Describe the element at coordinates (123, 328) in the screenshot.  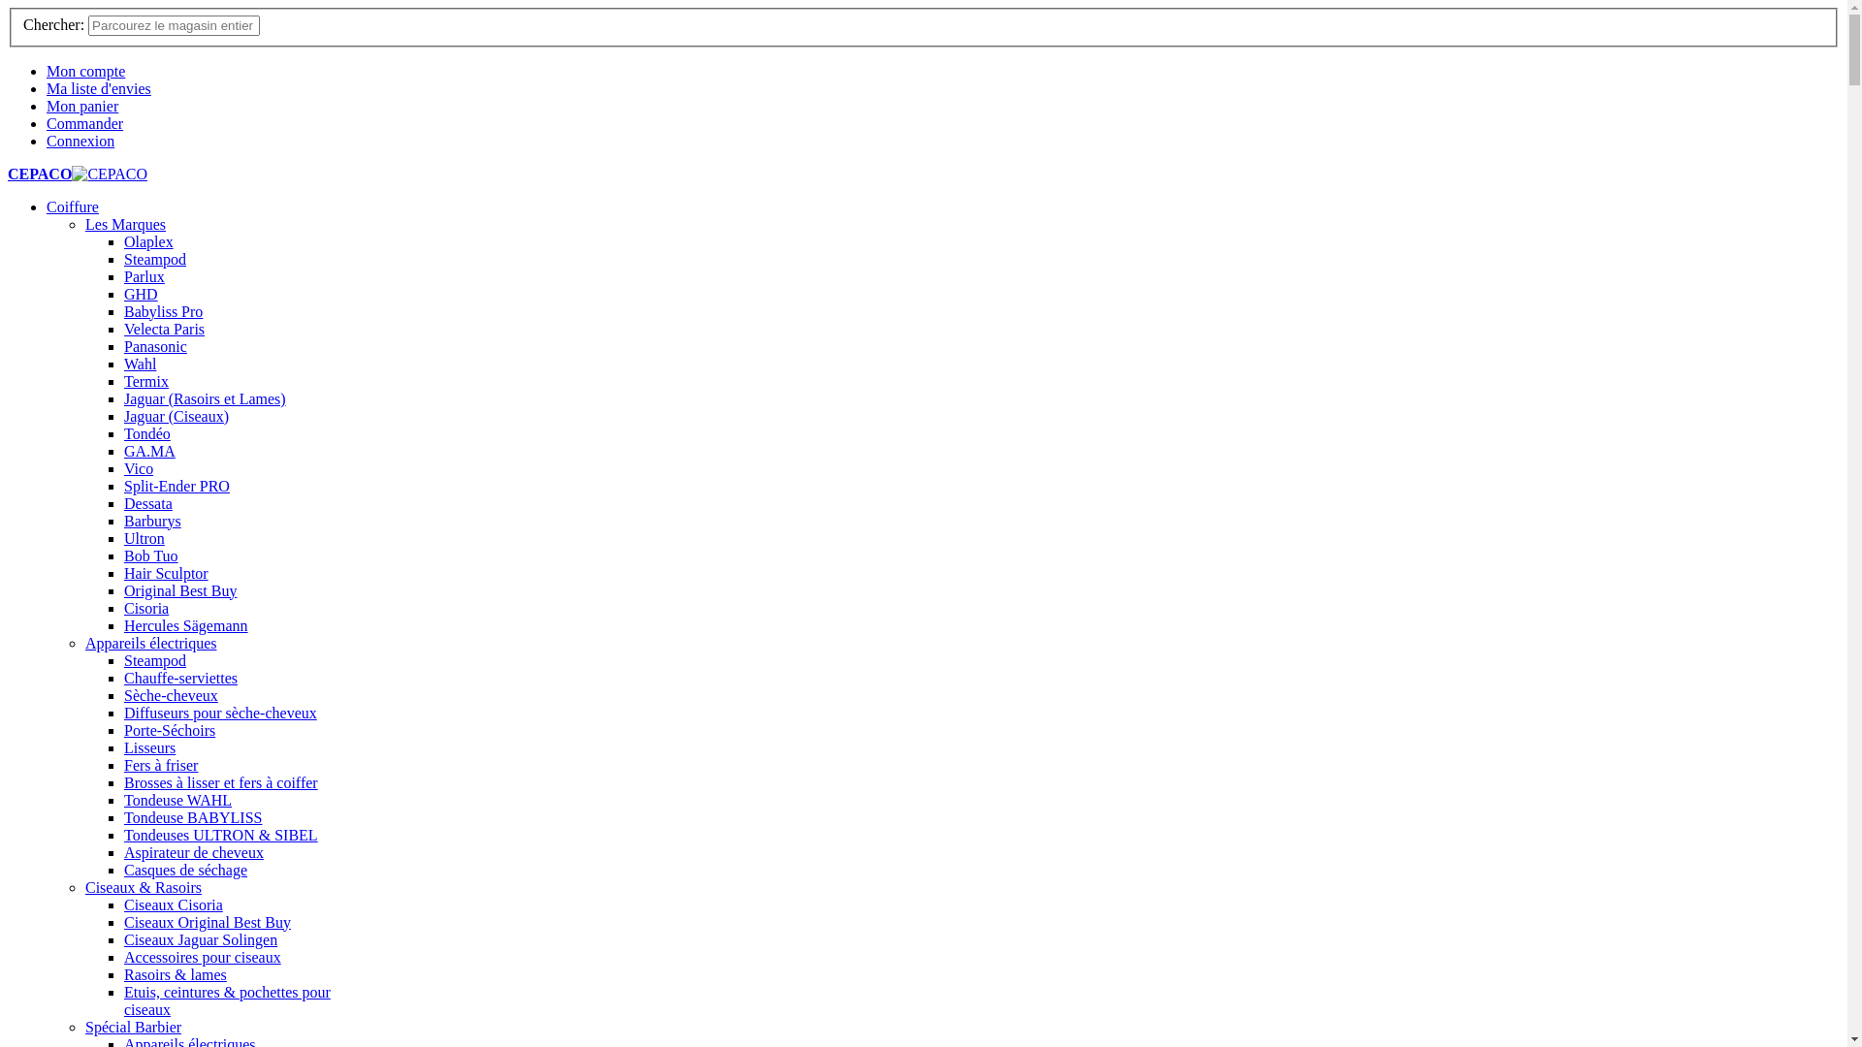
I see `'Velecta Paris'` at that location.